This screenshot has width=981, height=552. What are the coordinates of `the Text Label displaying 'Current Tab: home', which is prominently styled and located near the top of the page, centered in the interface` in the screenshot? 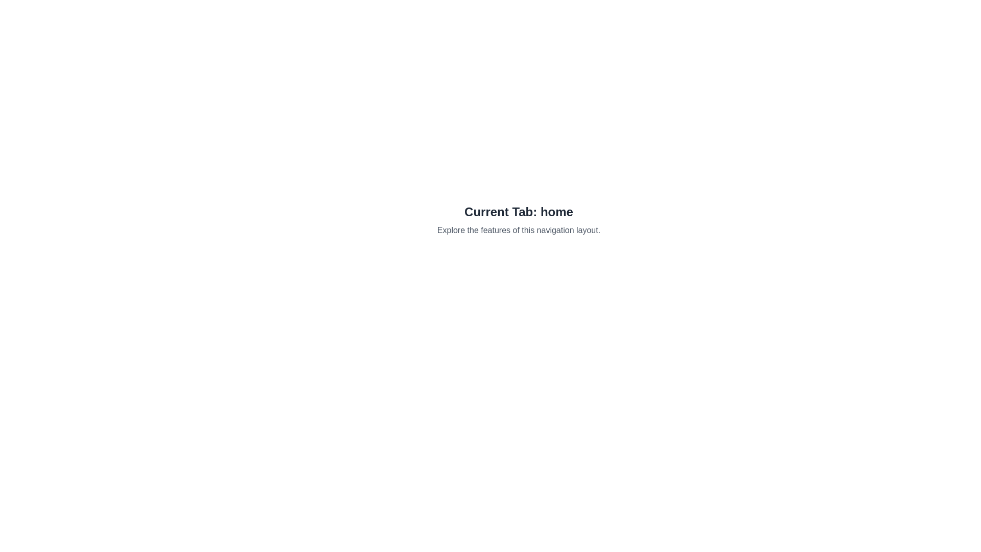 It's located at (519, 212).